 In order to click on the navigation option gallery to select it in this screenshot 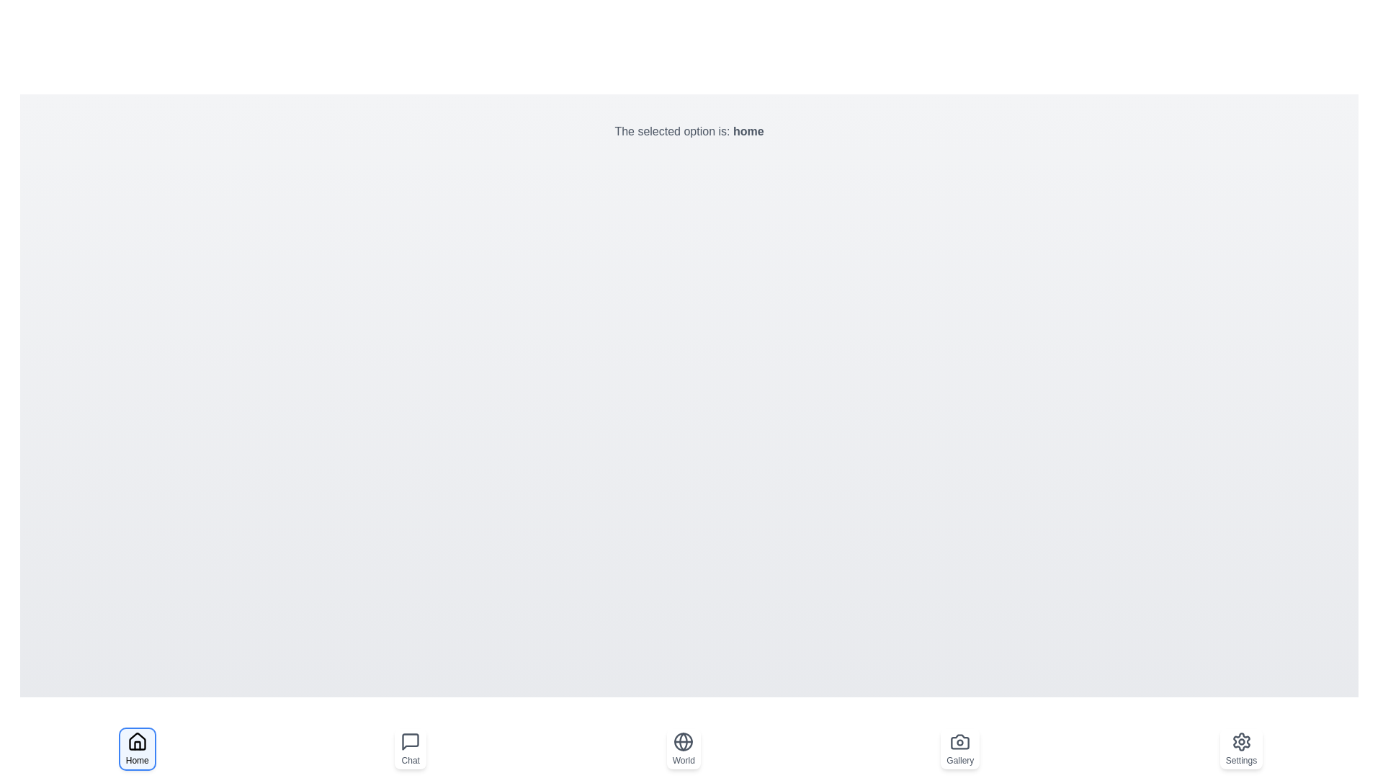, I will do `click(960, 748)`.